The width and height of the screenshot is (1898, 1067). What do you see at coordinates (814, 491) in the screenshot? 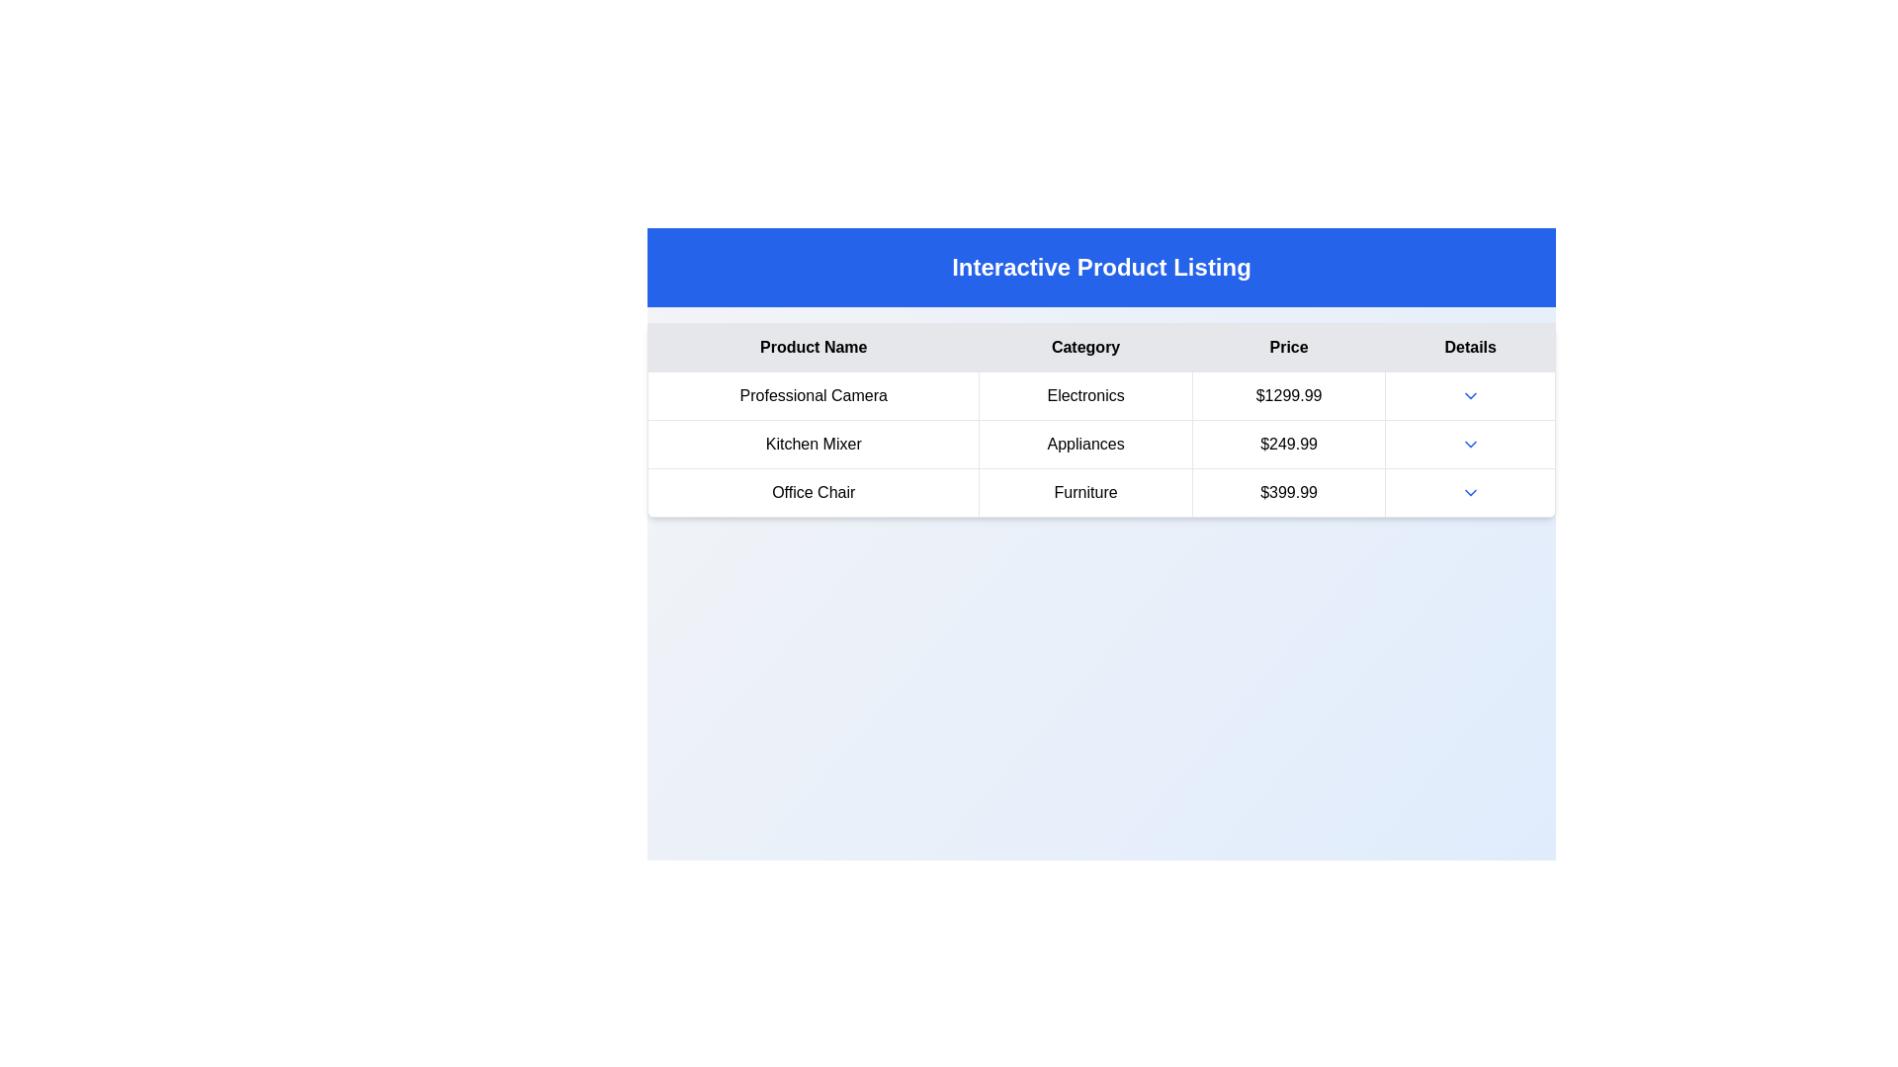
I see `text displayed in the text label that shows the product name in the first column of the third row under the 'Product Name' header` at bounding box center [814, 491].